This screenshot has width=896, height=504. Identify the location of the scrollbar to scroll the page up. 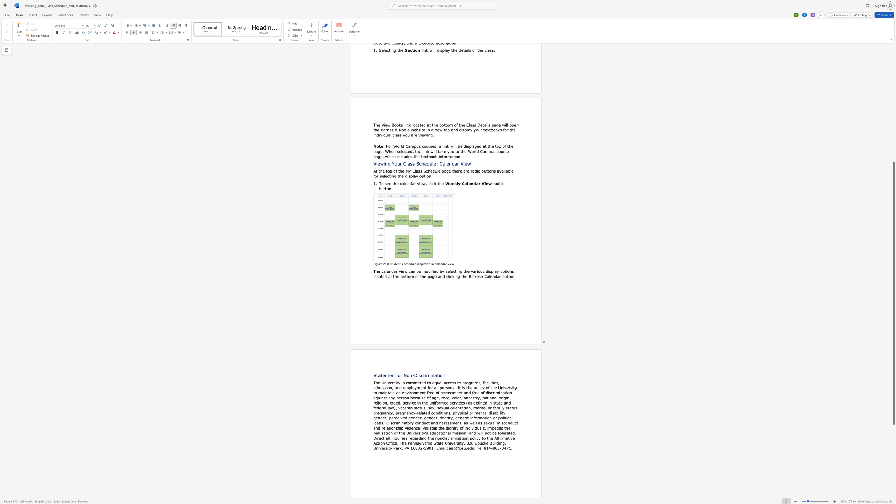
(893, 142).